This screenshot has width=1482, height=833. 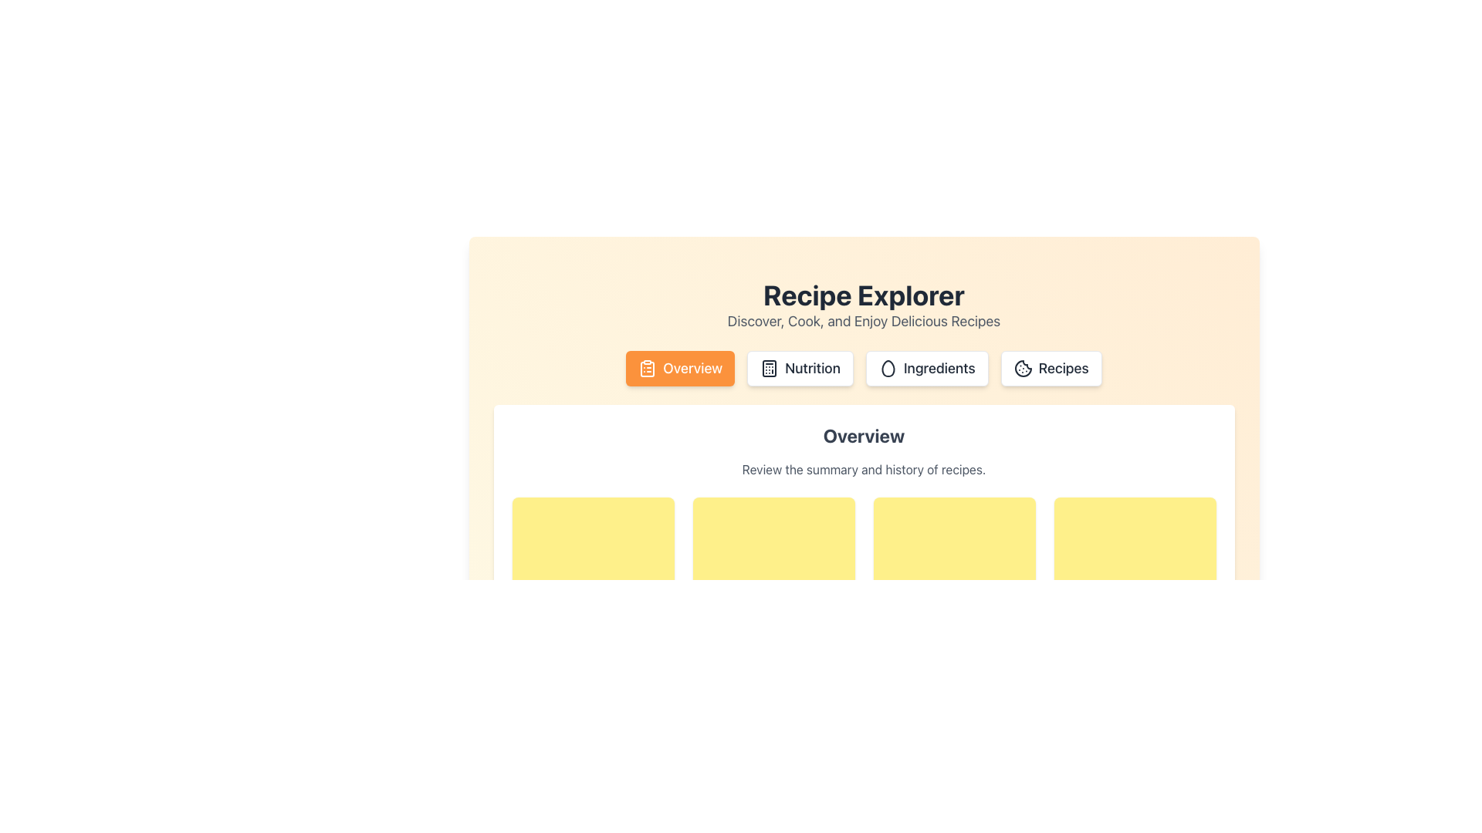 What do you see at coordinates (679, 369) in the screenshot?
I see `the 'Overview' button located in the horizontal navigation bar of the recipe application` at bounding box center [679, 369].